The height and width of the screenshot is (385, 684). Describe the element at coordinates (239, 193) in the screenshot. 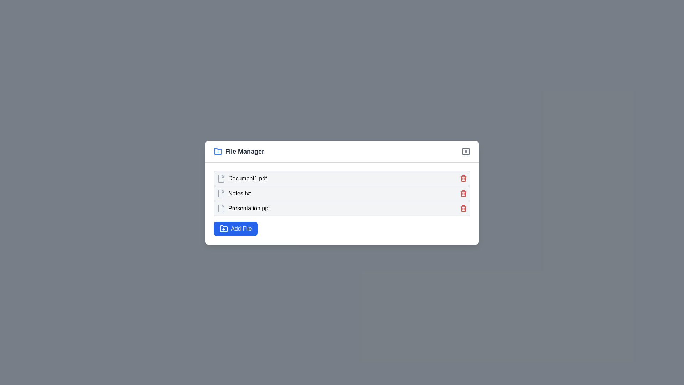

I see `the static text label representing the file name` at that location.